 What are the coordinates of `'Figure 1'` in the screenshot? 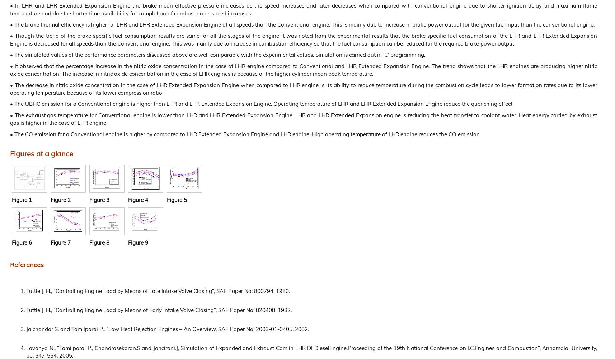 It's located at (22, 199).